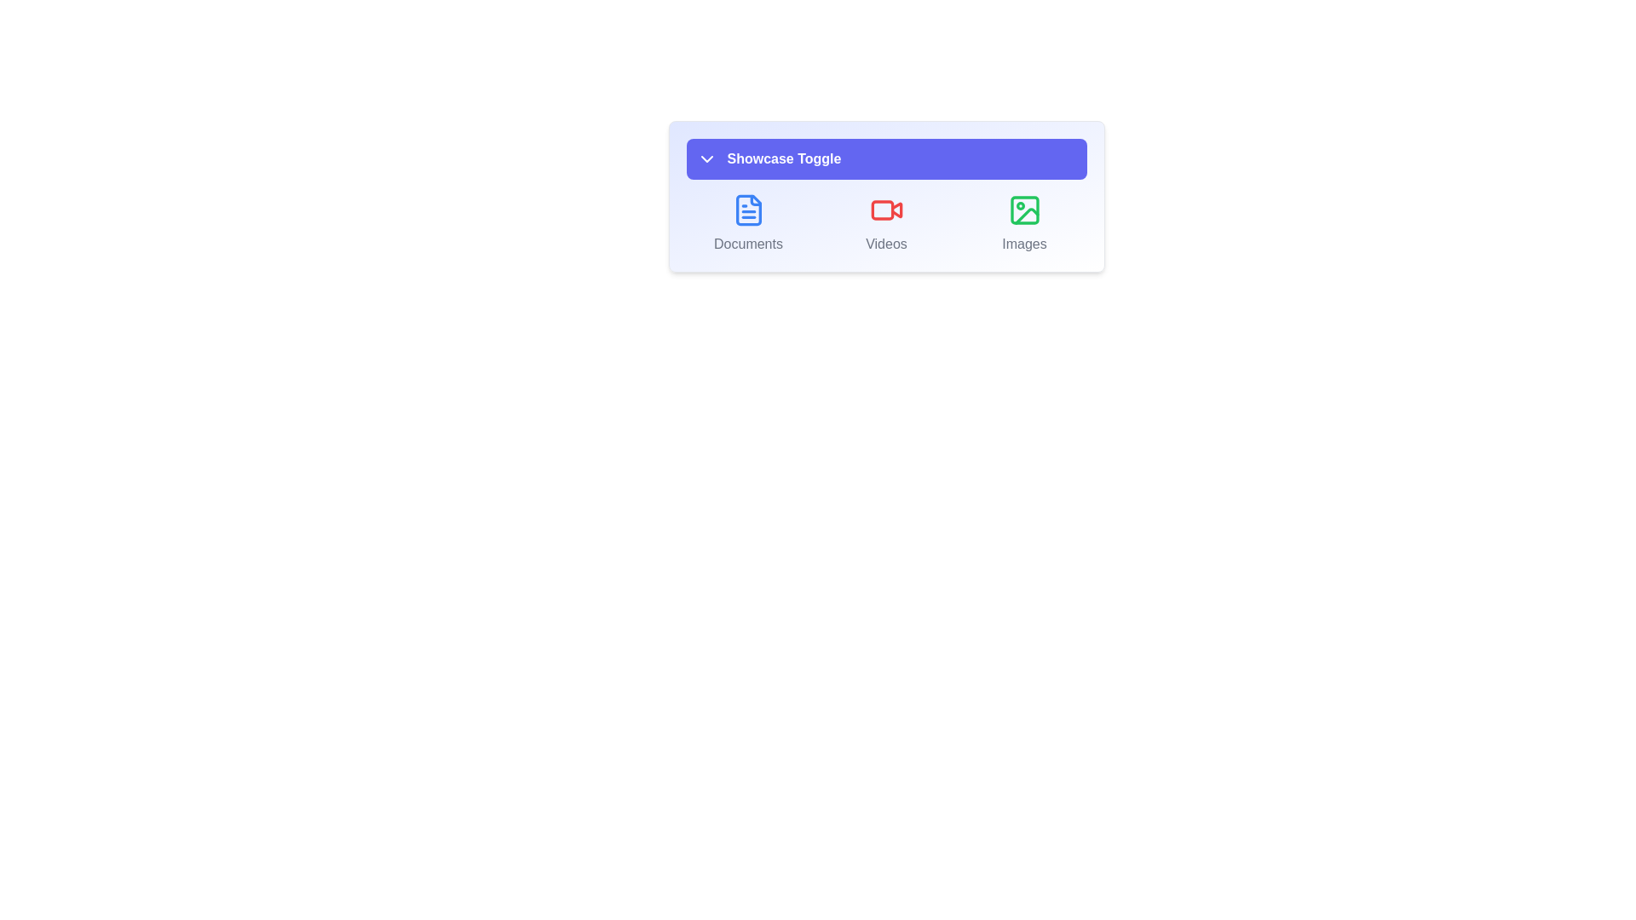 The width and height of the screenshot is (1636, 920). Describe the element at coordinates (886, 222) in the screenshot. I see `the 'Videos' icon, which is the second element in a horizontally aligned grid of three options` at that location.